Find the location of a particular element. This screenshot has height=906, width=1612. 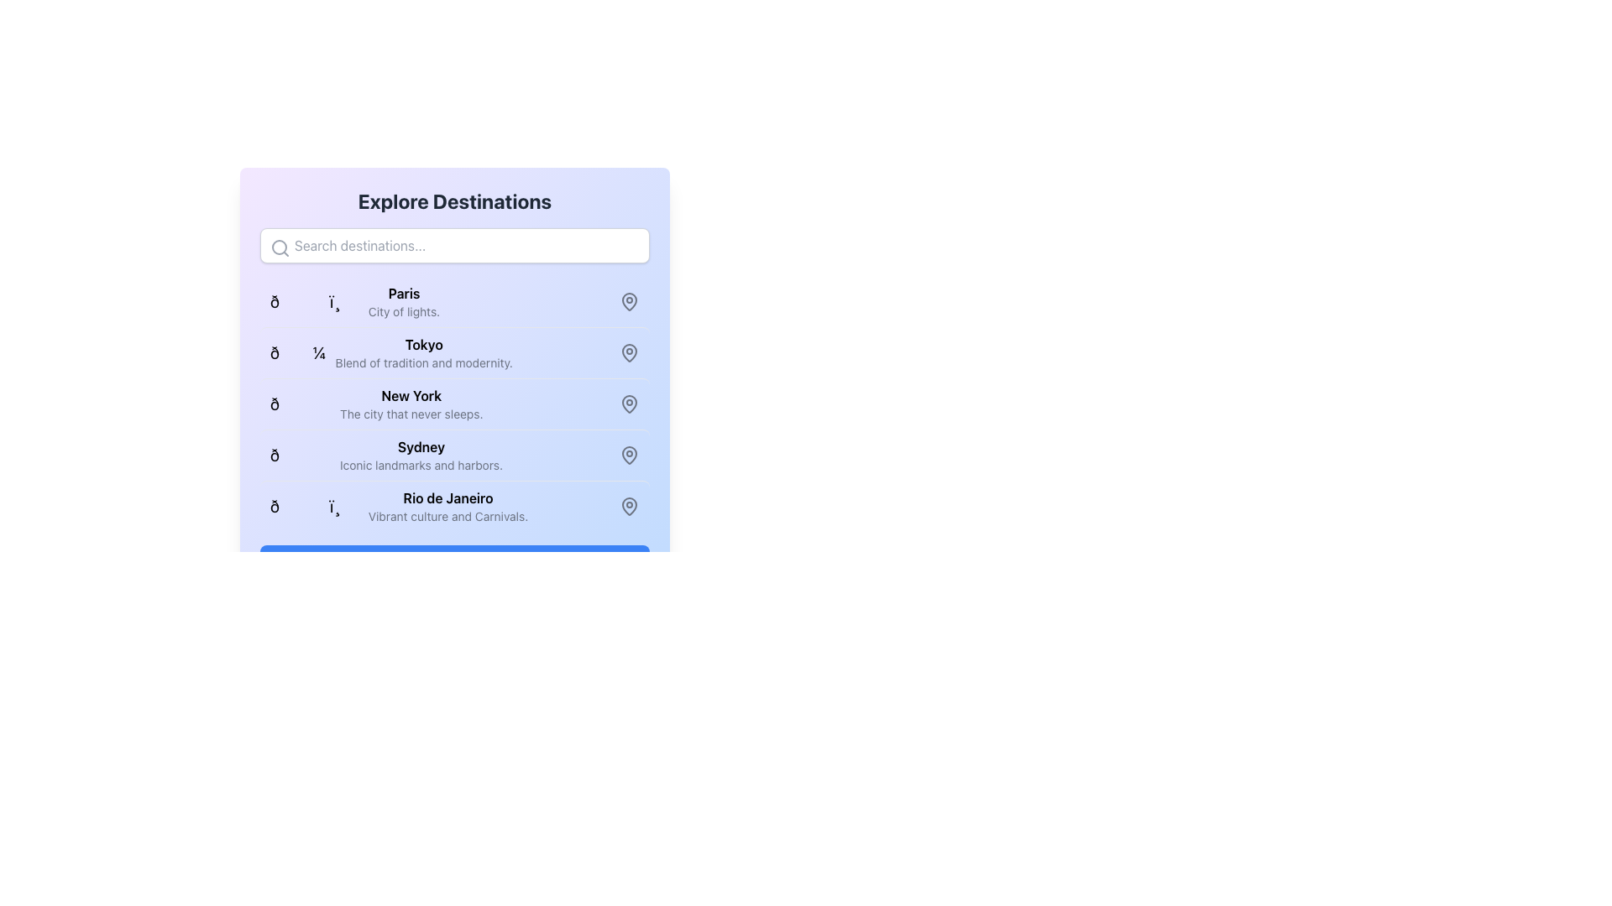

the gray map pin icon located next to the 'Rio de Janeiro' text in the 'Explore Destinations' list is located at coordinates (628, 506).